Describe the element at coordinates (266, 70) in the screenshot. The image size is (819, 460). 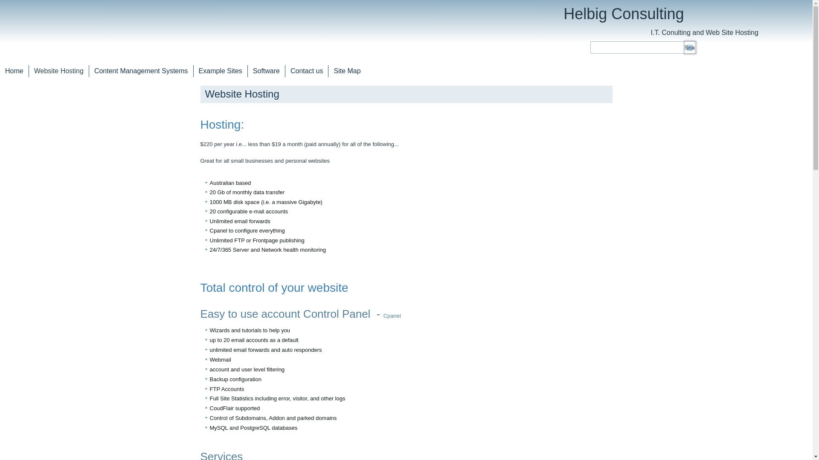
I see `'Software'` at that location.